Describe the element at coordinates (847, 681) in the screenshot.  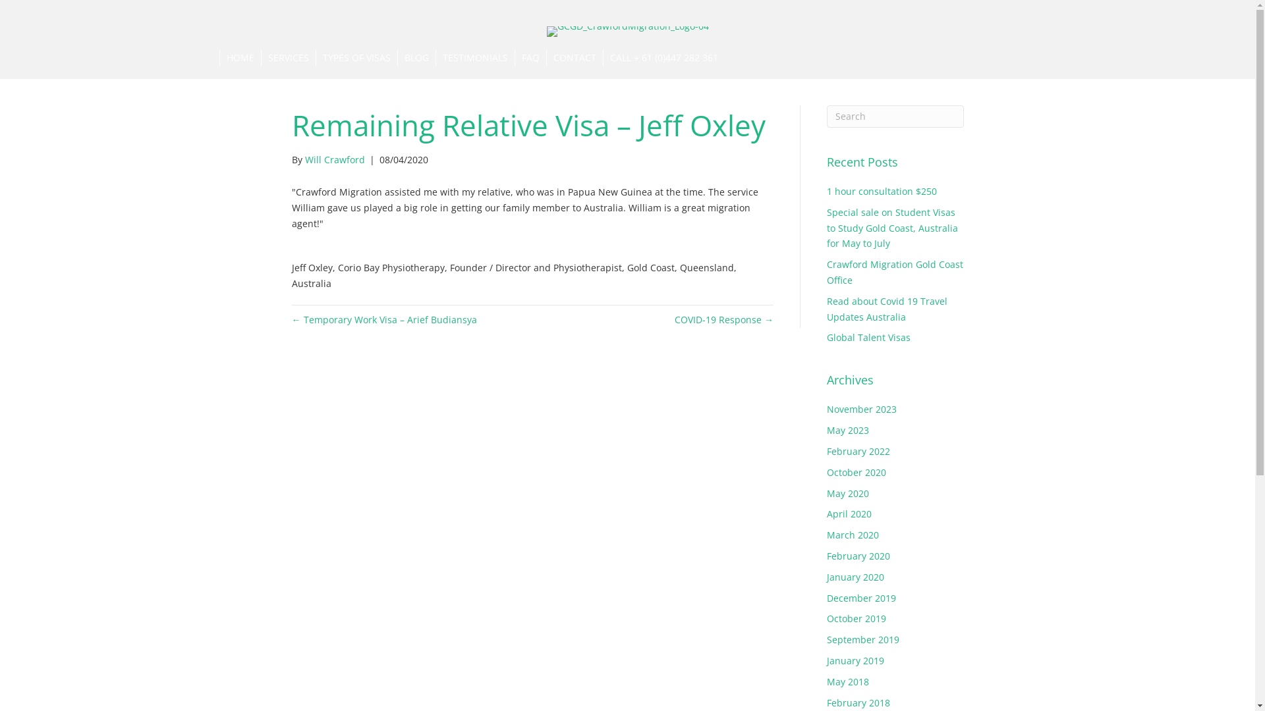
I see `'May 2018'` at that location.